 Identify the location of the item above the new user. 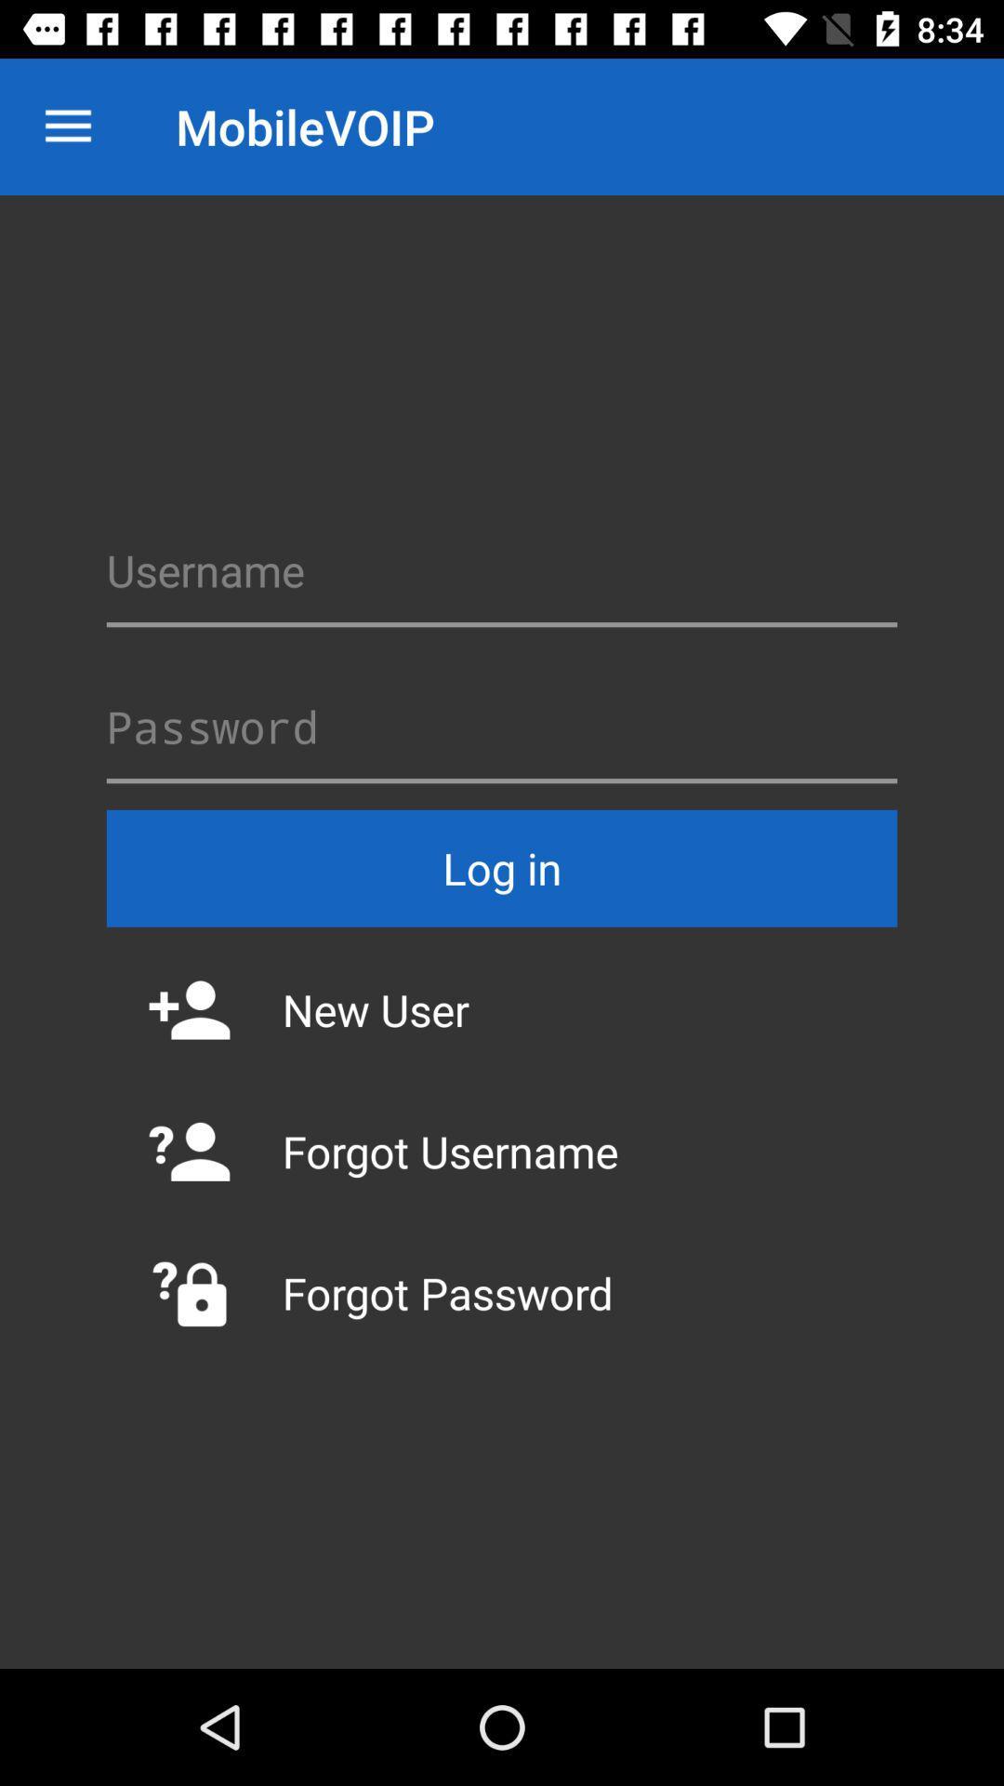
(502, 867).